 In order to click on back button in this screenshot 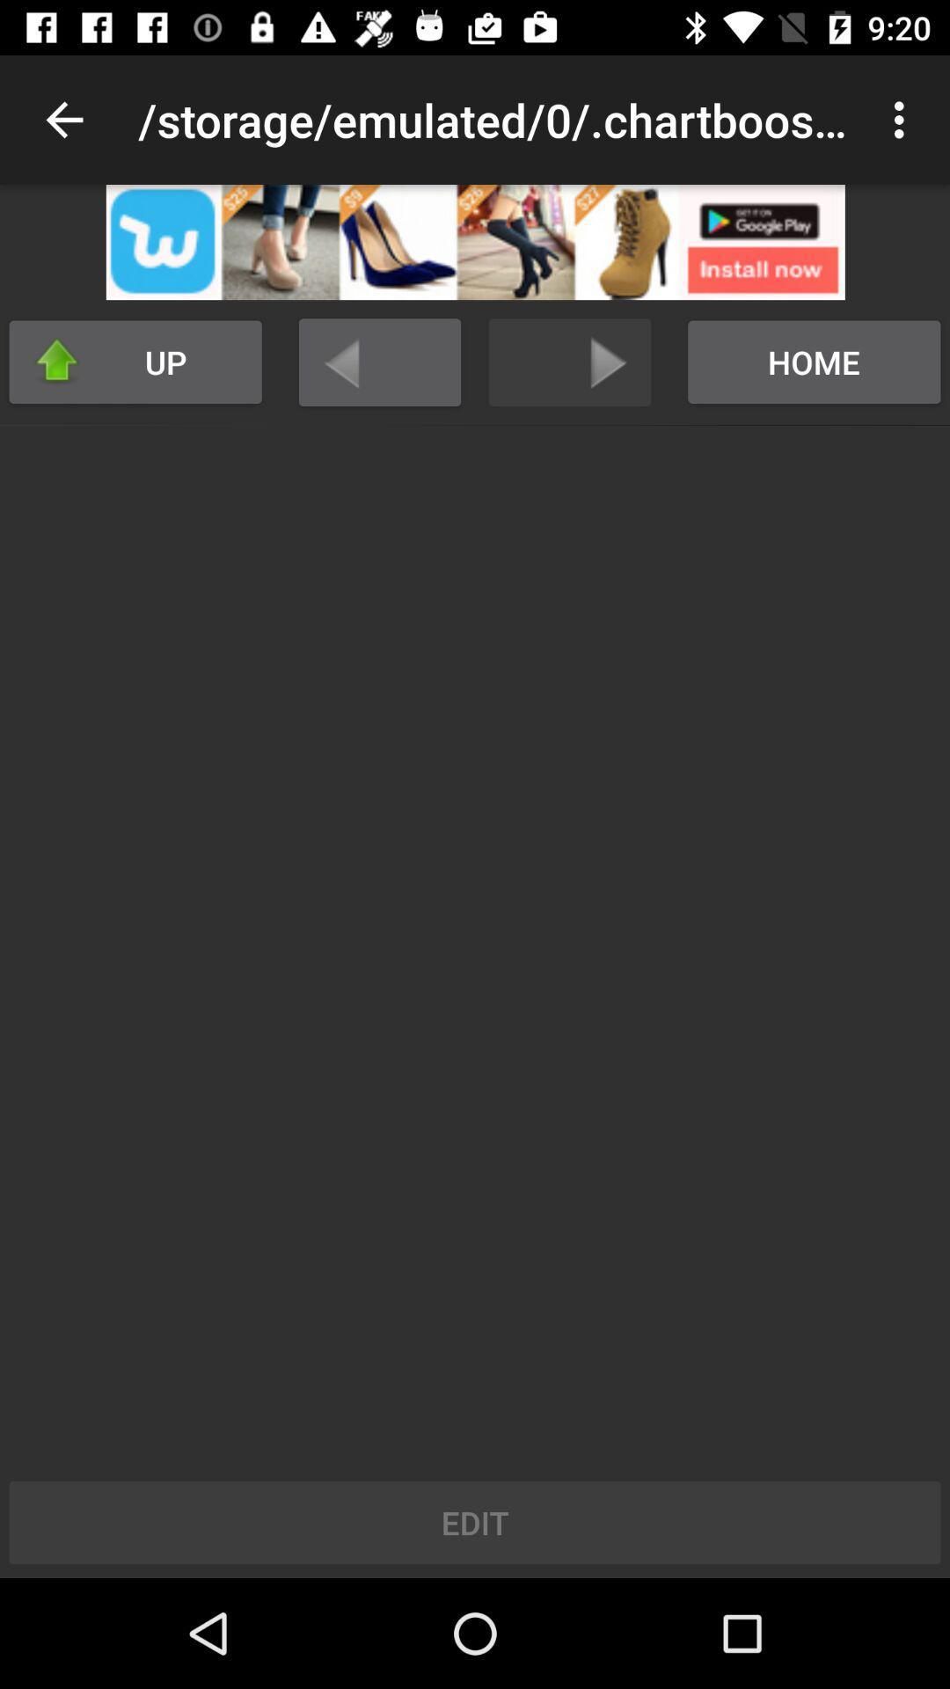, I will do `click(379, 362)`.